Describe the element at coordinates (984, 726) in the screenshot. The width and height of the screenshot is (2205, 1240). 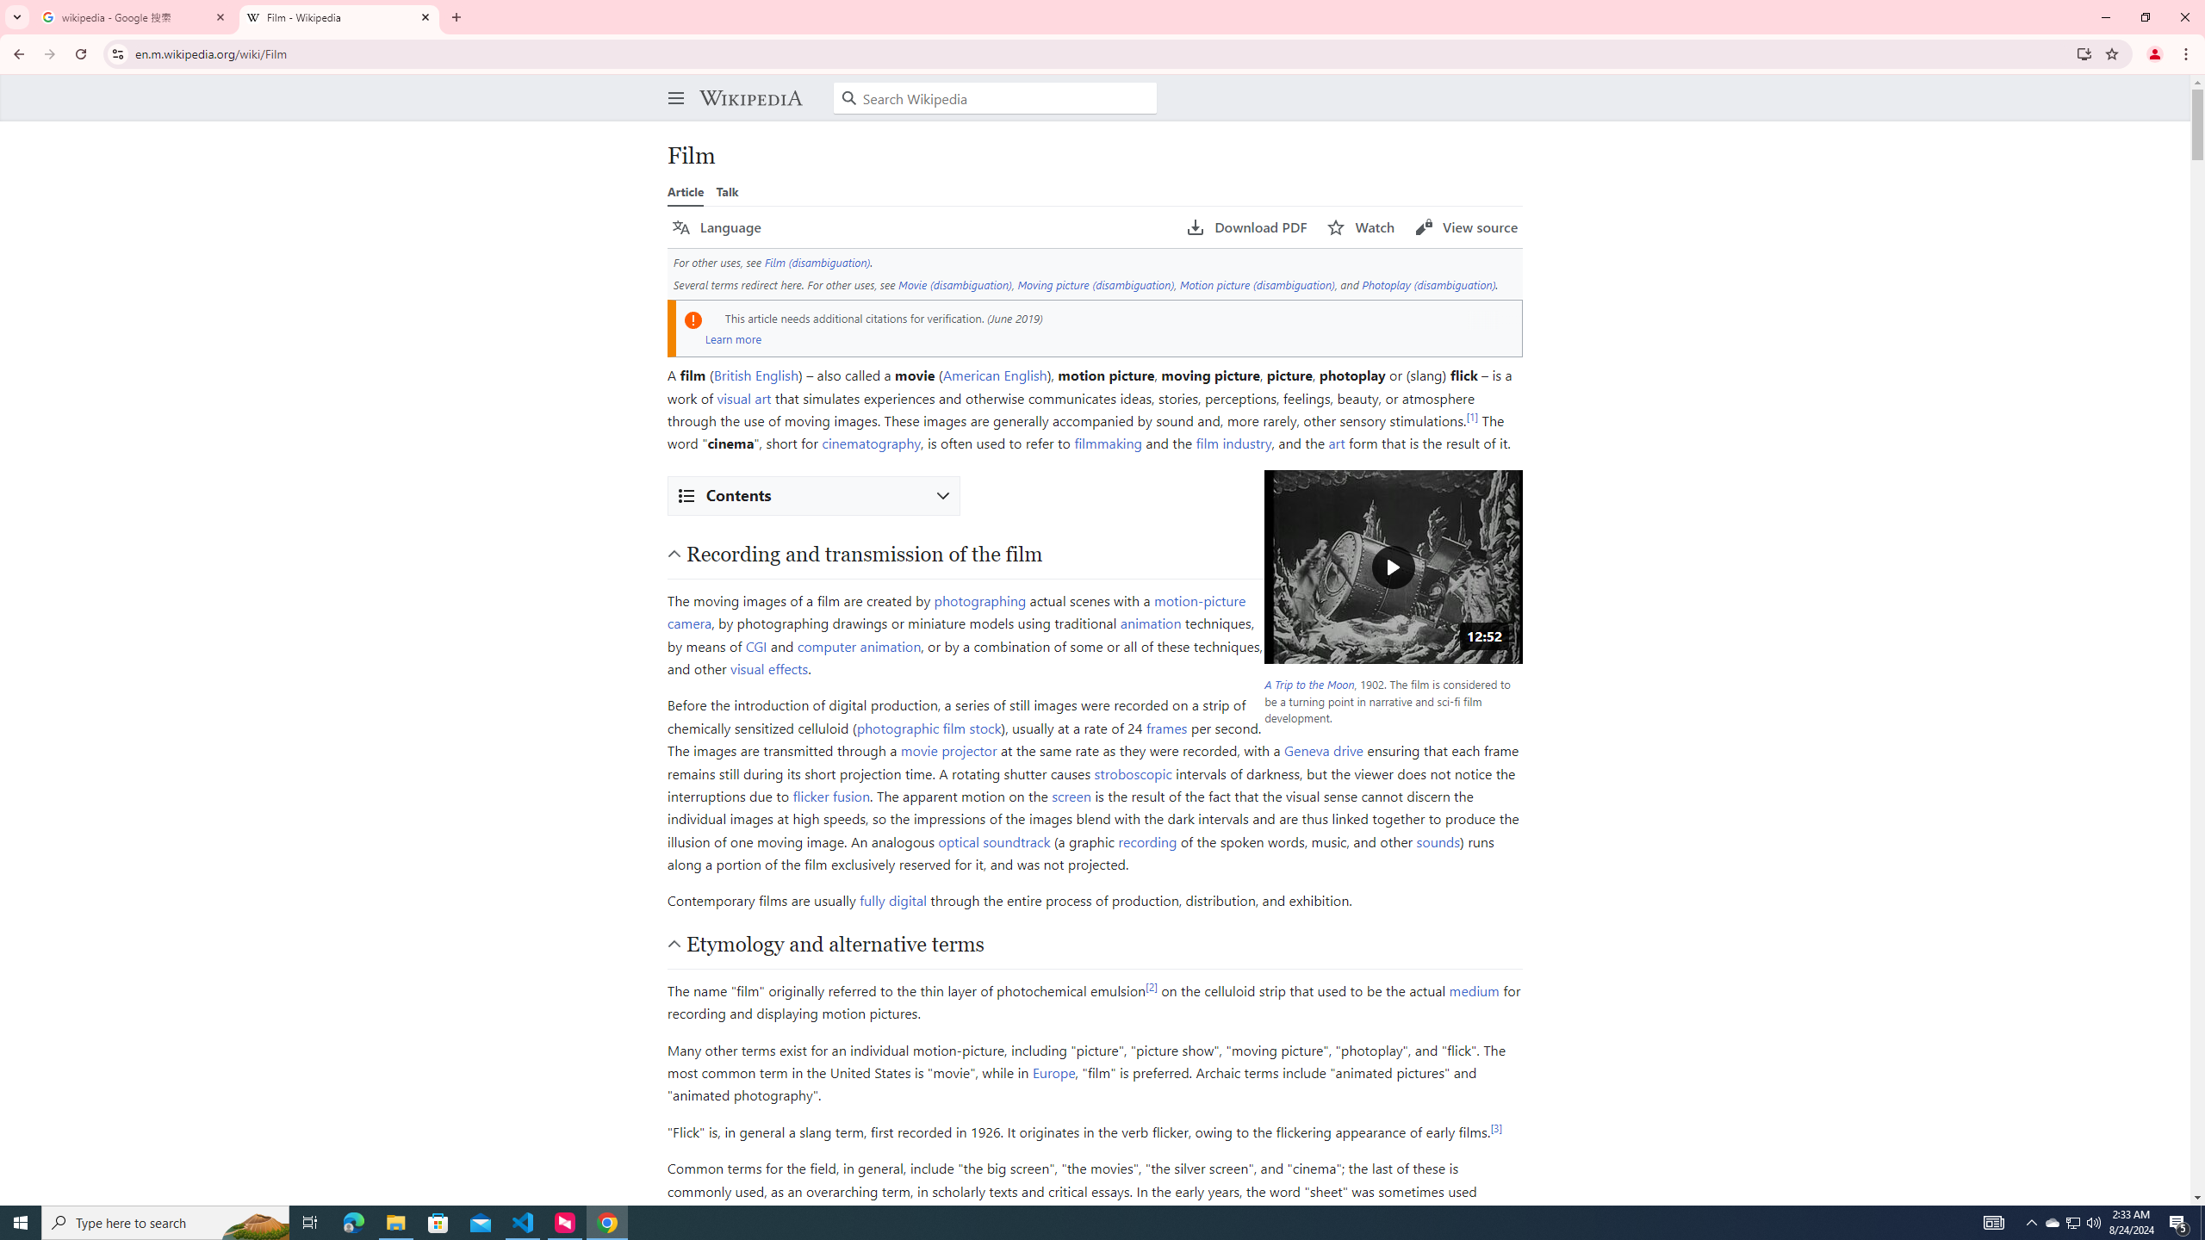
I see `'stock'` at that location.